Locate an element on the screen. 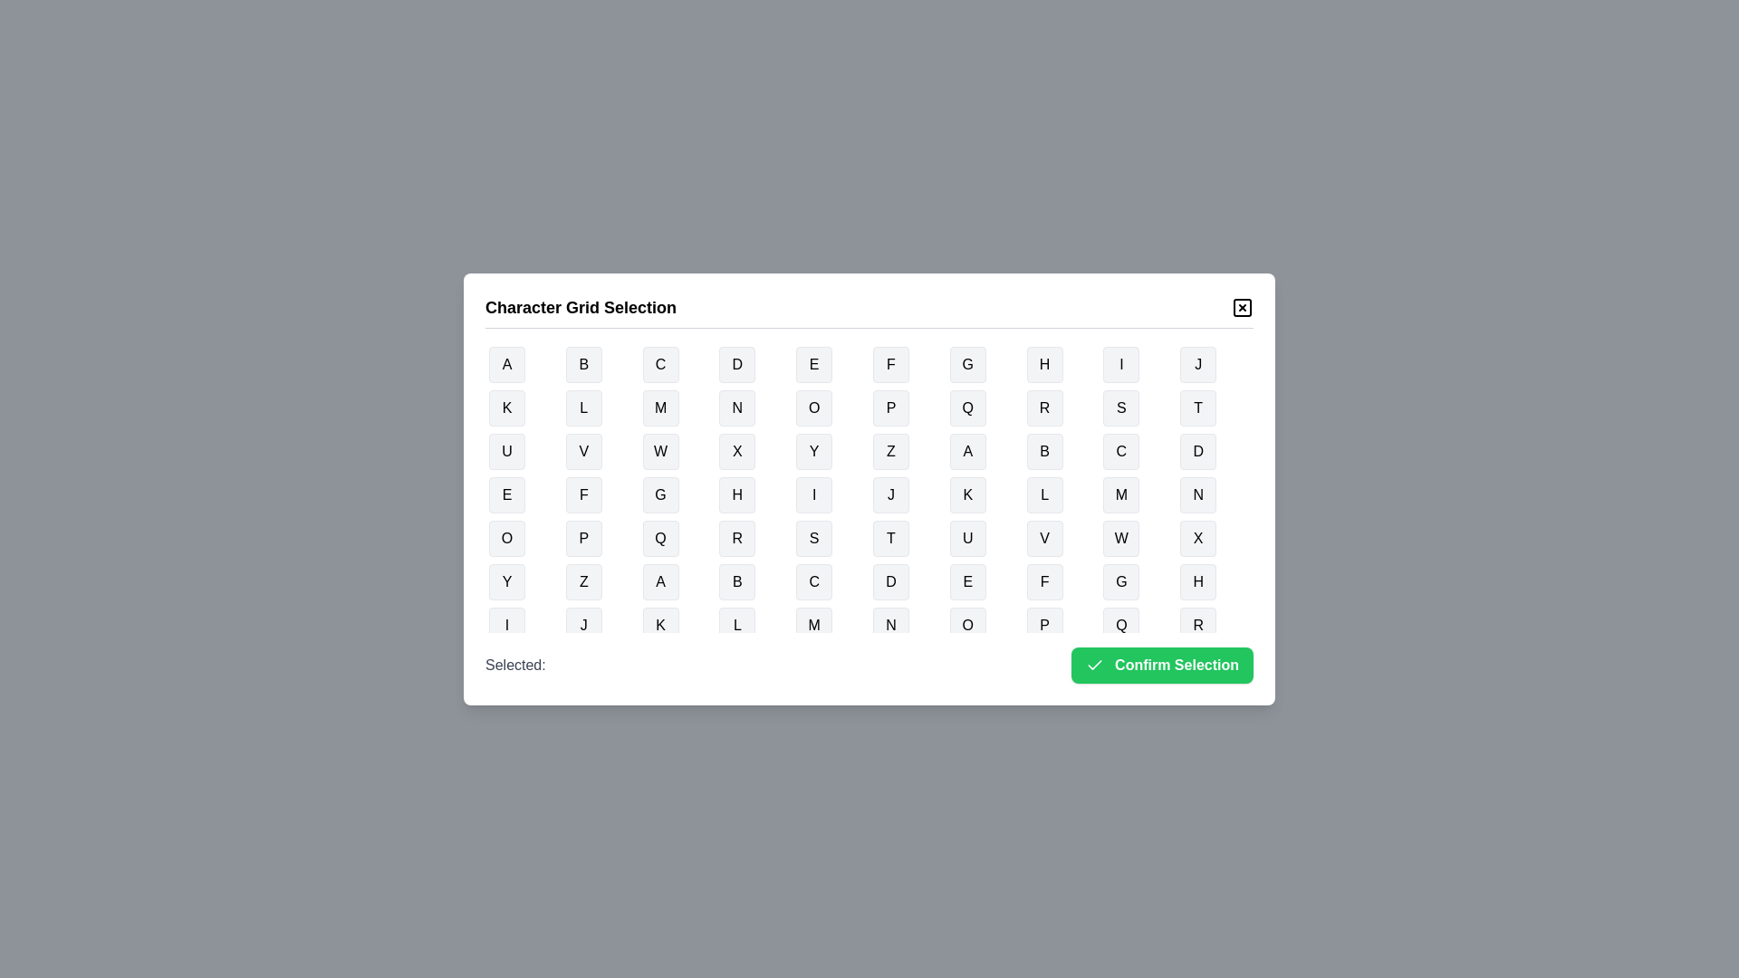 The height and width of the screenshot is (978, 1739). the button representing the character F is located at coordinates (890, 364).